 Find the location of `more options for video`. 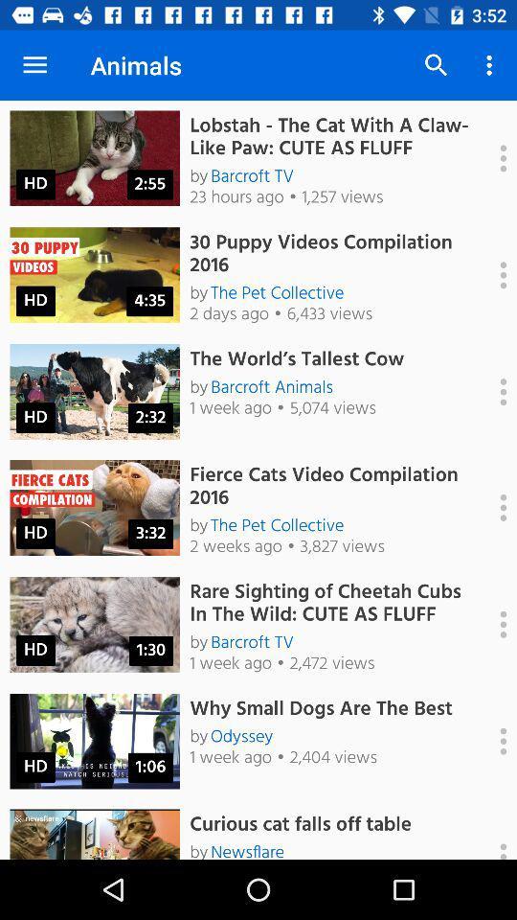

more options for video is located at coordinates (493, 274).